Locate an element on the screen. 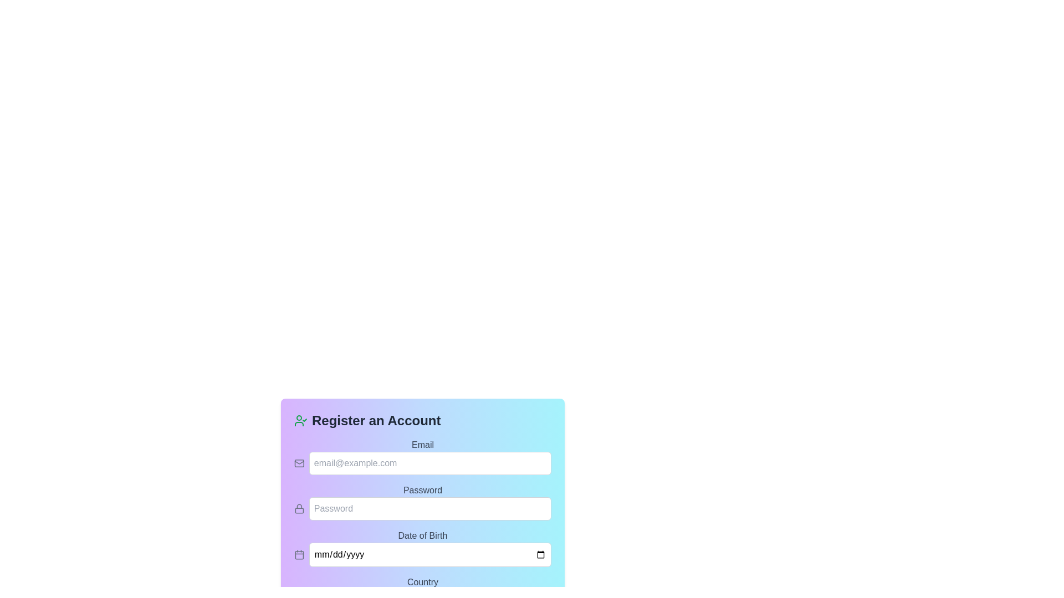 This screenshot has width=1064, height=598. the profile icon with a check mark overlay, which is styled in green and located at the top-left corner of the 'Register an Account' form is located at coordinates (300, 420).